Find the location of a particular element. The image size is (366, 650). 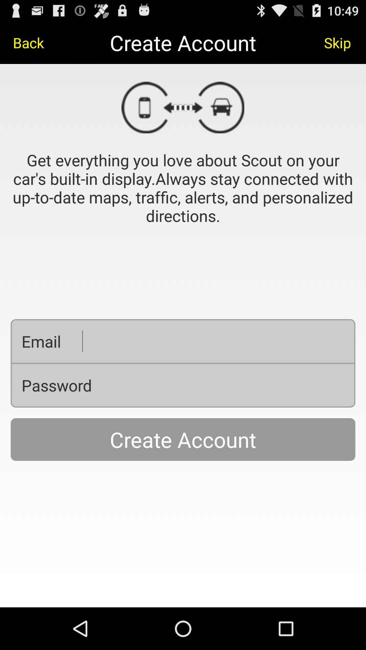

your correct password is located at coordinates (229, 385).